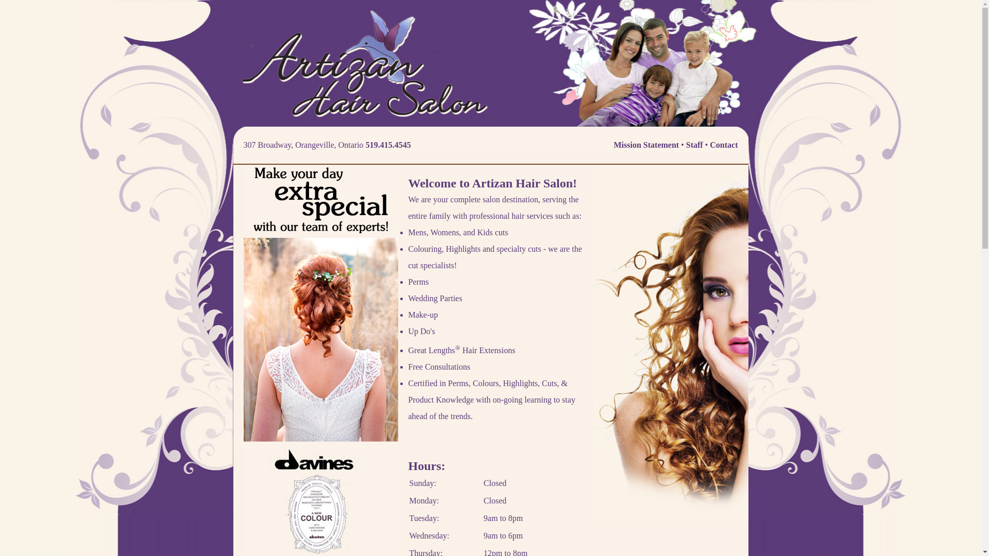 The image size is (989, 556). Describe the element at coordinates (709, 145) in the screenshot. I see `'Contact'` at that location.